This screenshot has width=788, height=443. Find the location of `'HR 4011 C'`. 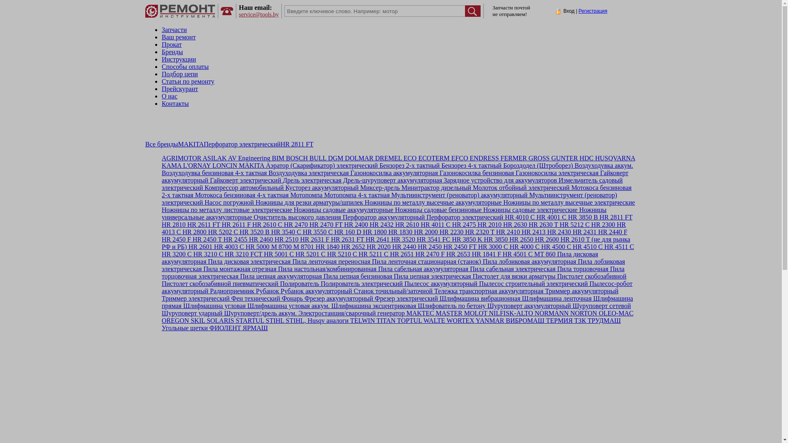

'HR 4011 C' is located at coordinates (434, 224).